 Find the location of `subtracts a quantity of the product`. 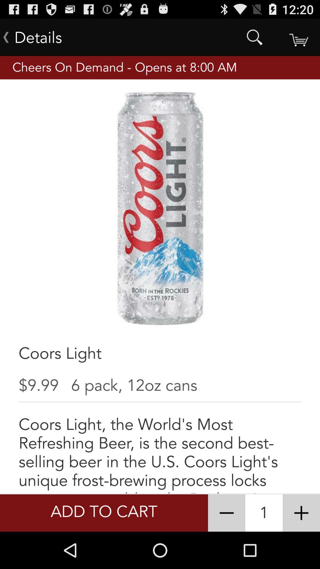

subtracts a quantity of the product is located at coordinates (226, 513).